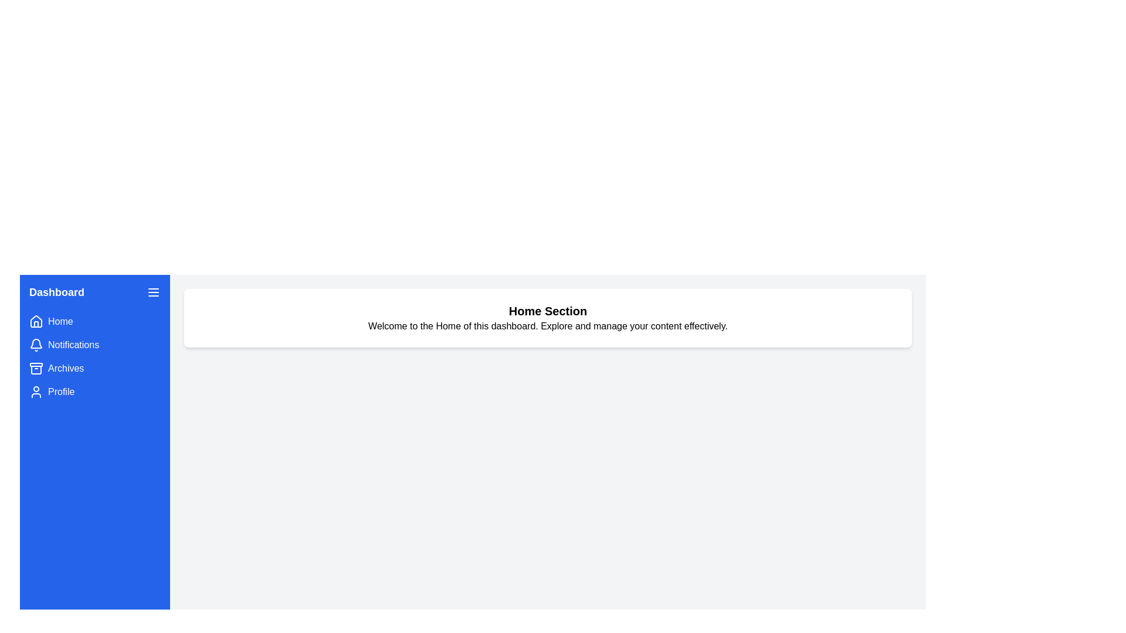  What do you see at coordinates (36, 321) in the screenshot?
I see `the house/home icon located in the left-hand vertical navigation bar` at bounding box center [36, 321].